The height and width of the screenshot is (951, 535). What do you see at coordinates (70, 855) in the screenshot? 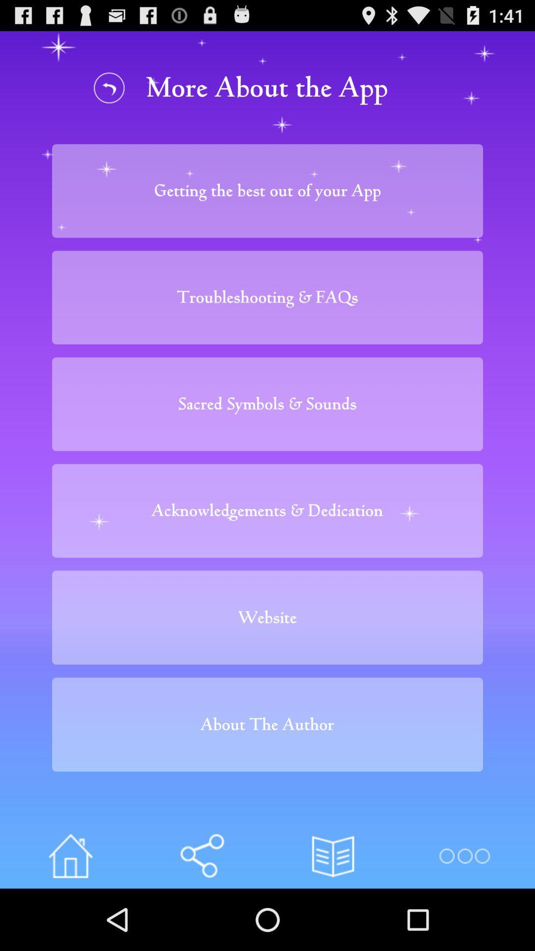
I see `main page` at bounding box center [70, 855].